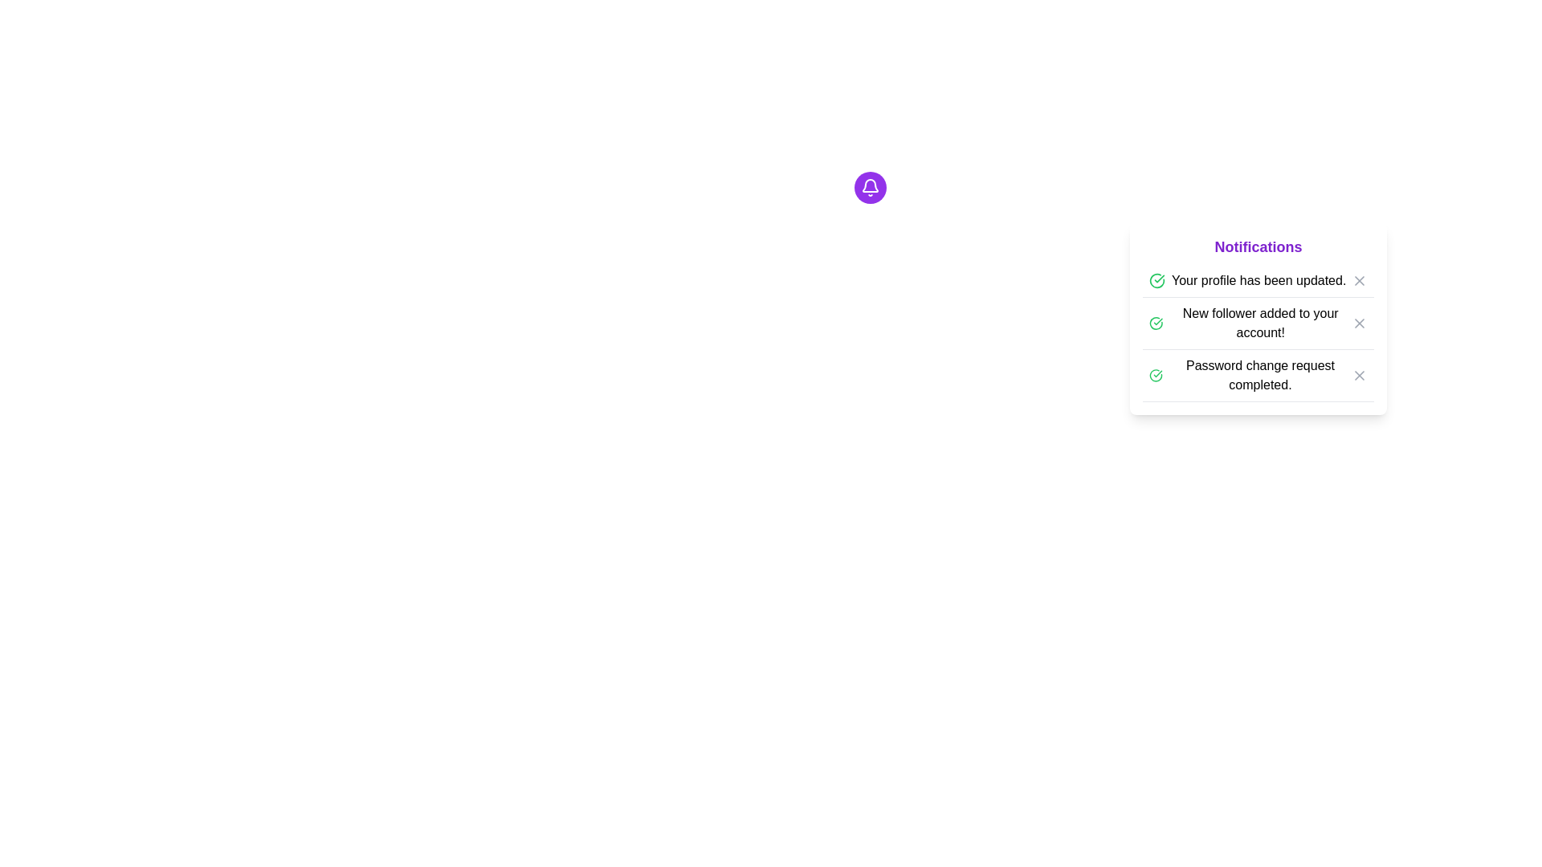 This screenshot has height=867, width=1542. What do you see at coordinates (1359, 280) in the screenshot?
I see `the 'X' icon in the notification row` at bounding box center [1359, 280].